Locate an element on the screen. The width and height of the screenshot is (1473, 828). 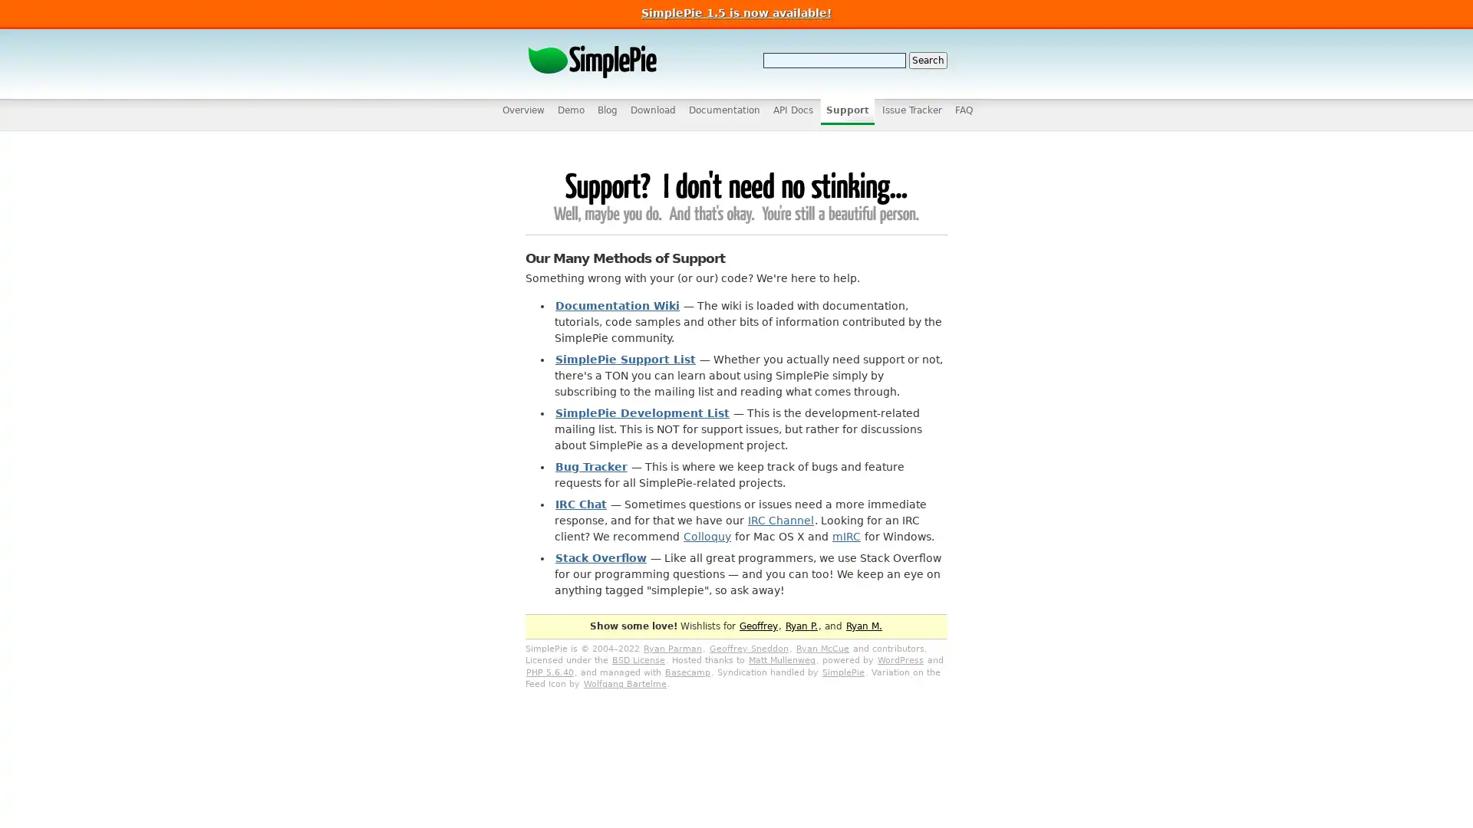
Search is located at coordinates (927, 59).